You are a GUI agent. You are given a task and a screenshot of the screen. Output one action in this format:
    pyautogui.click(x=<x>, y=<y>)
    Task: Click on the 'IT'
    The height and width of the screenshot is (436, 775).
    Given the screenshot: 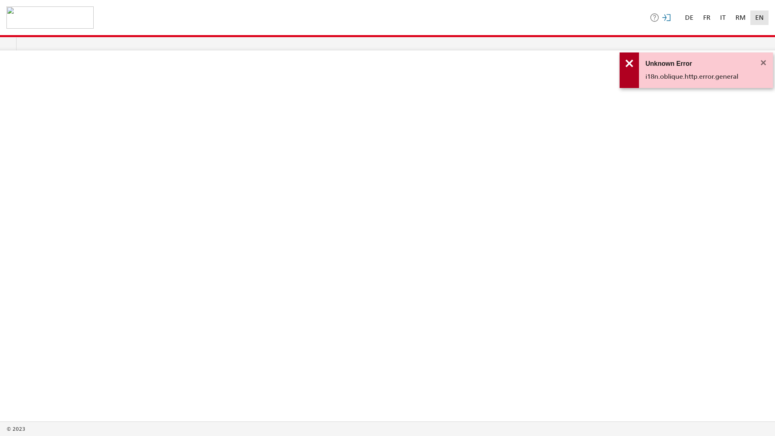 What is the action you would take?
    pyautogui.click(x=723, y=17)
    